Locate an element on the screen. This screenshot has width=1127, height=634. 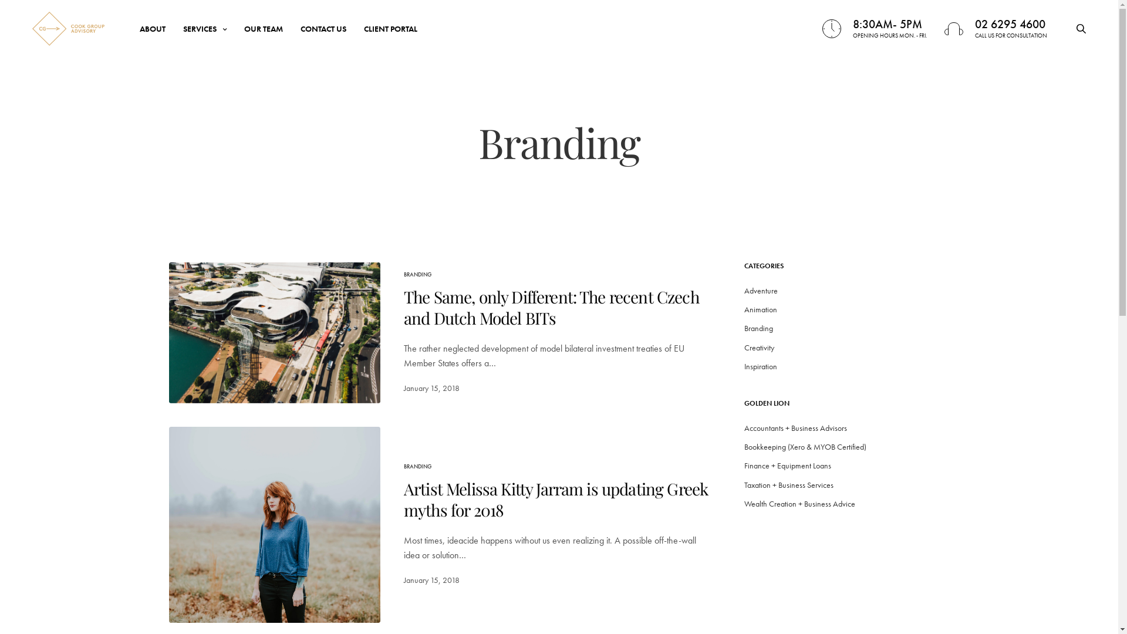
'Animation' is located at coordinates (743, 309).